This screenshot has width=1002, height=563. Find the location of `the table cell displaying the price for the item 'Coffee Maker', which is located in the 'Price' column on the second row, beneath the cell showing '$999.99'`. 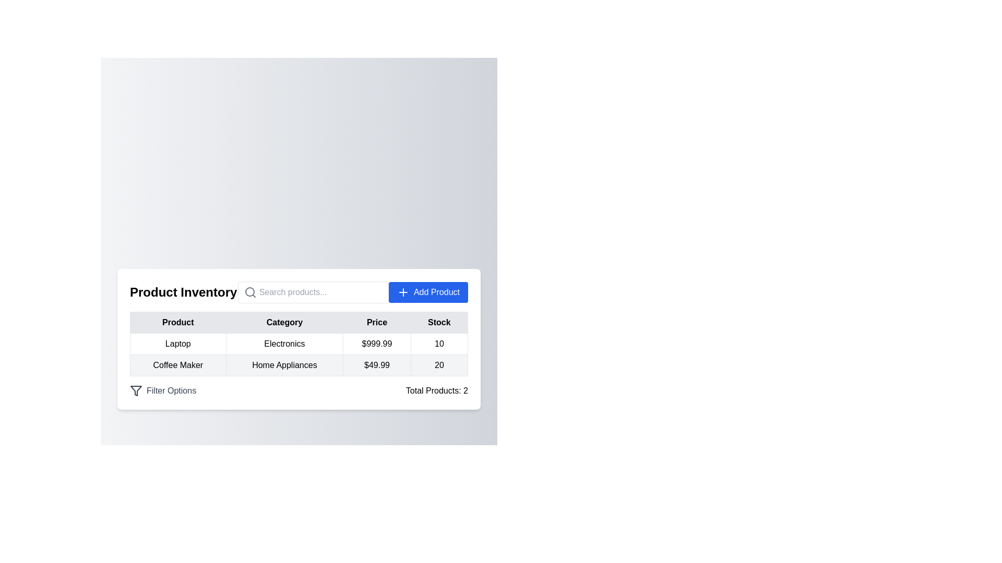

the table cell displaying the price for the item 'Coffee Maker', which is located in the 'Price' column on the second row, beneath the cell showing '$999.99' is located at coordinates (376, 365).